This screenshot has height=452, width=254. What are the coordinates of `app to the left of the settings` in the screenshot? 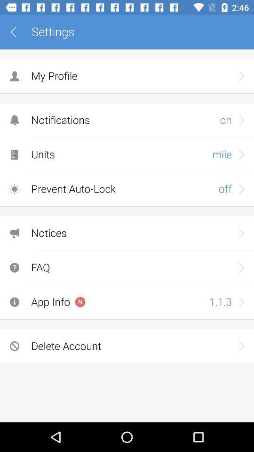 It's located at (16, 32).